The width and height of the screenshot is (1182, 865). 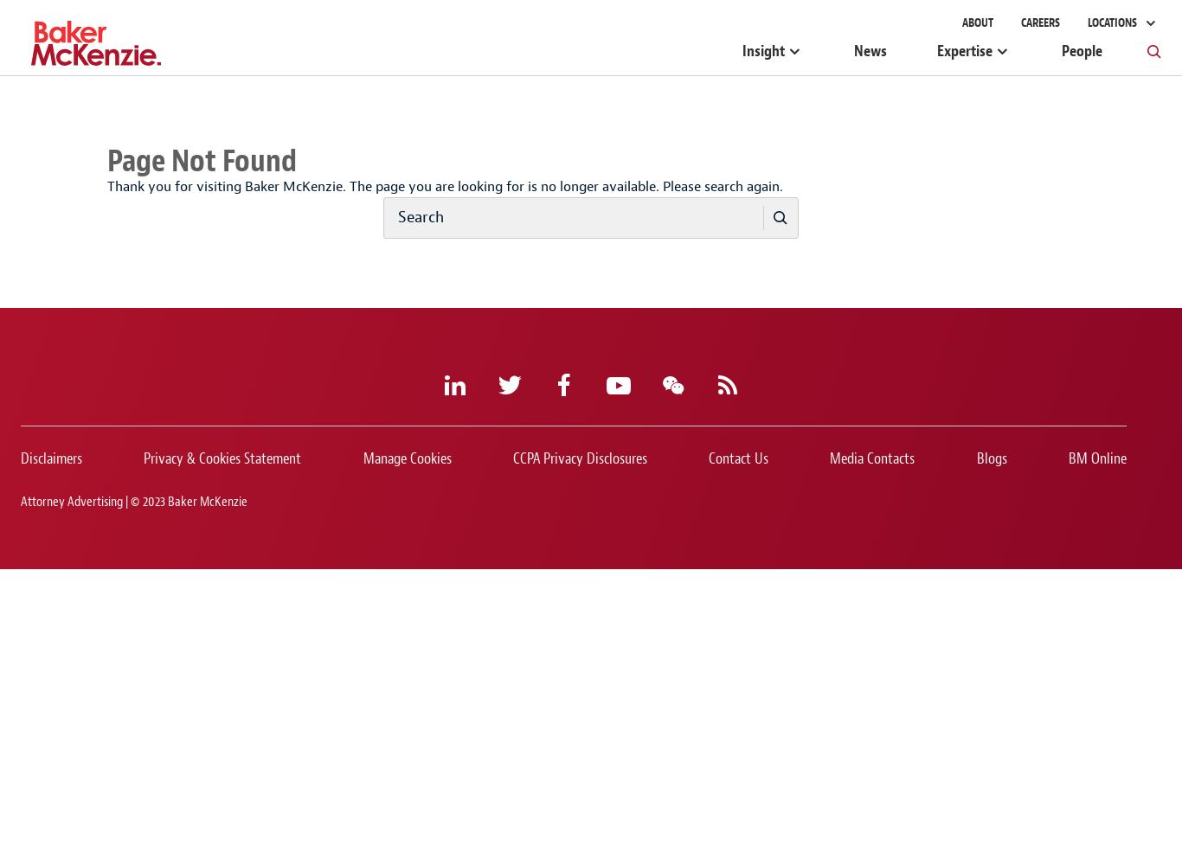 What do you see at coordinates (488, 10) in the screenshot?
I see `'Hydrogen Hub'` at bounding box center [488, 10].